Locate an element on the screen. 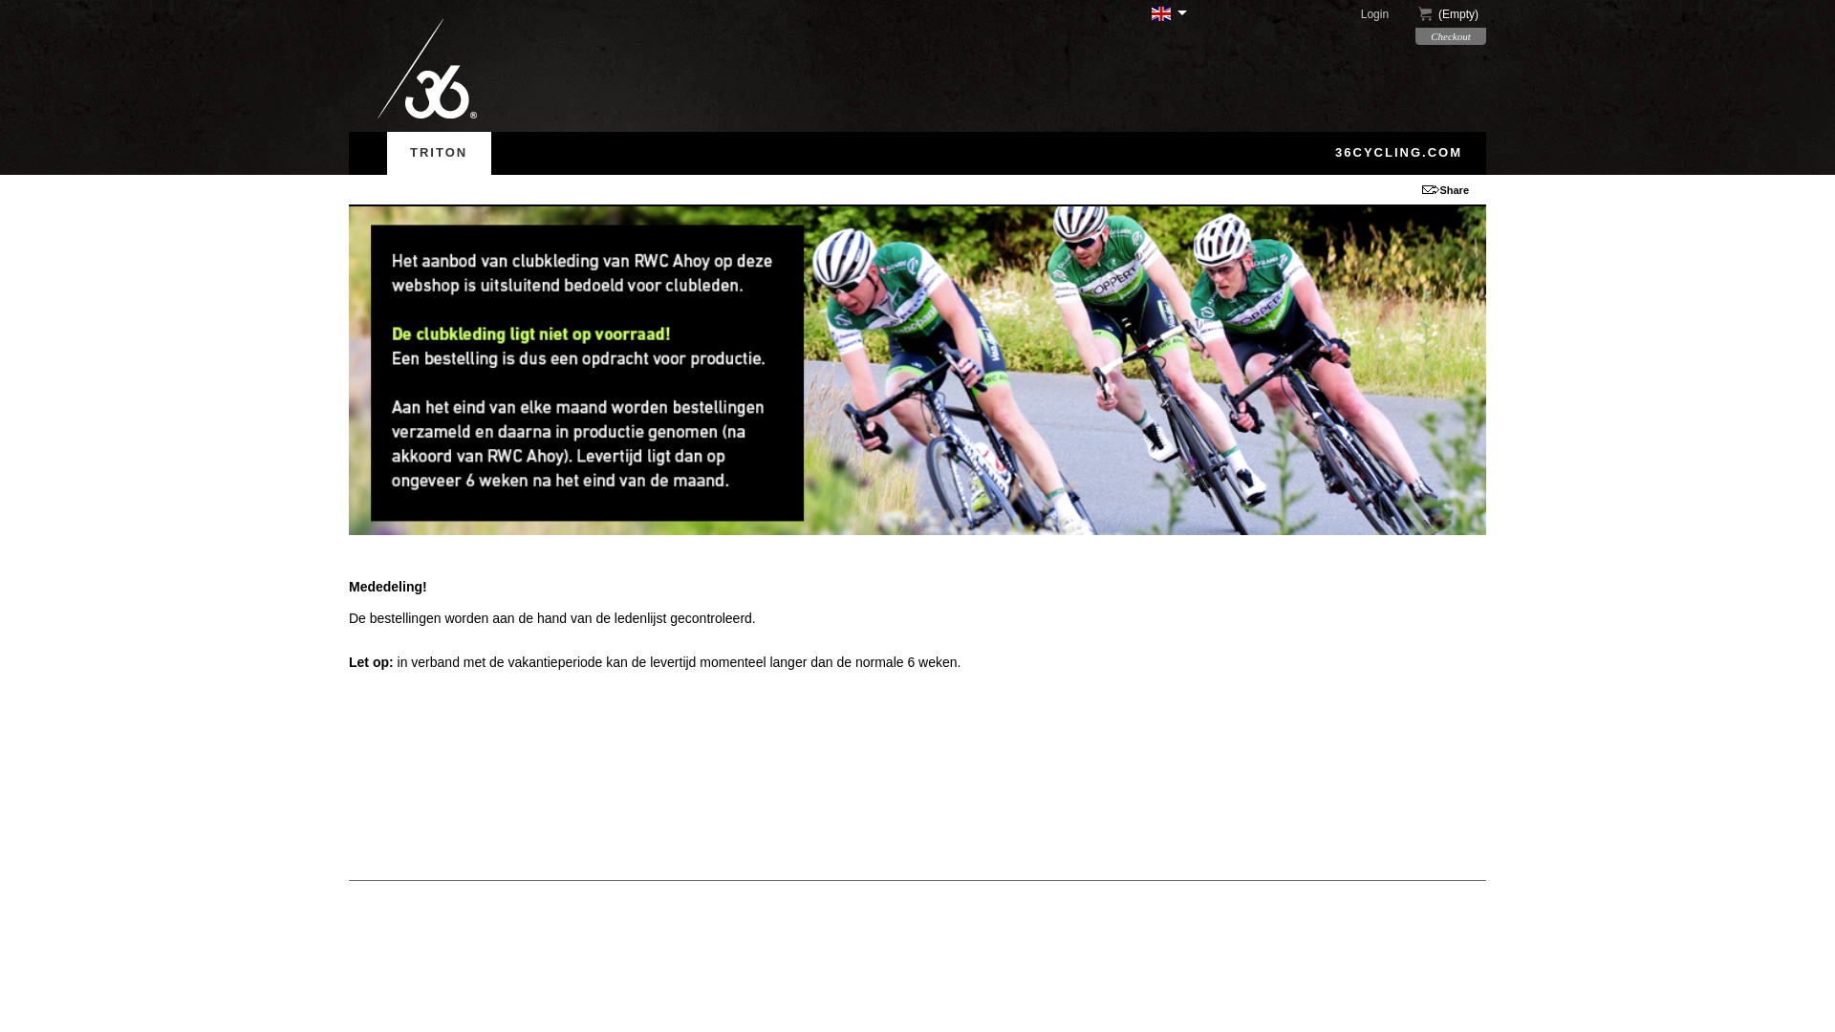 The image size is (1835, 1032). 'Login' is located at coordinates (1386, 14).